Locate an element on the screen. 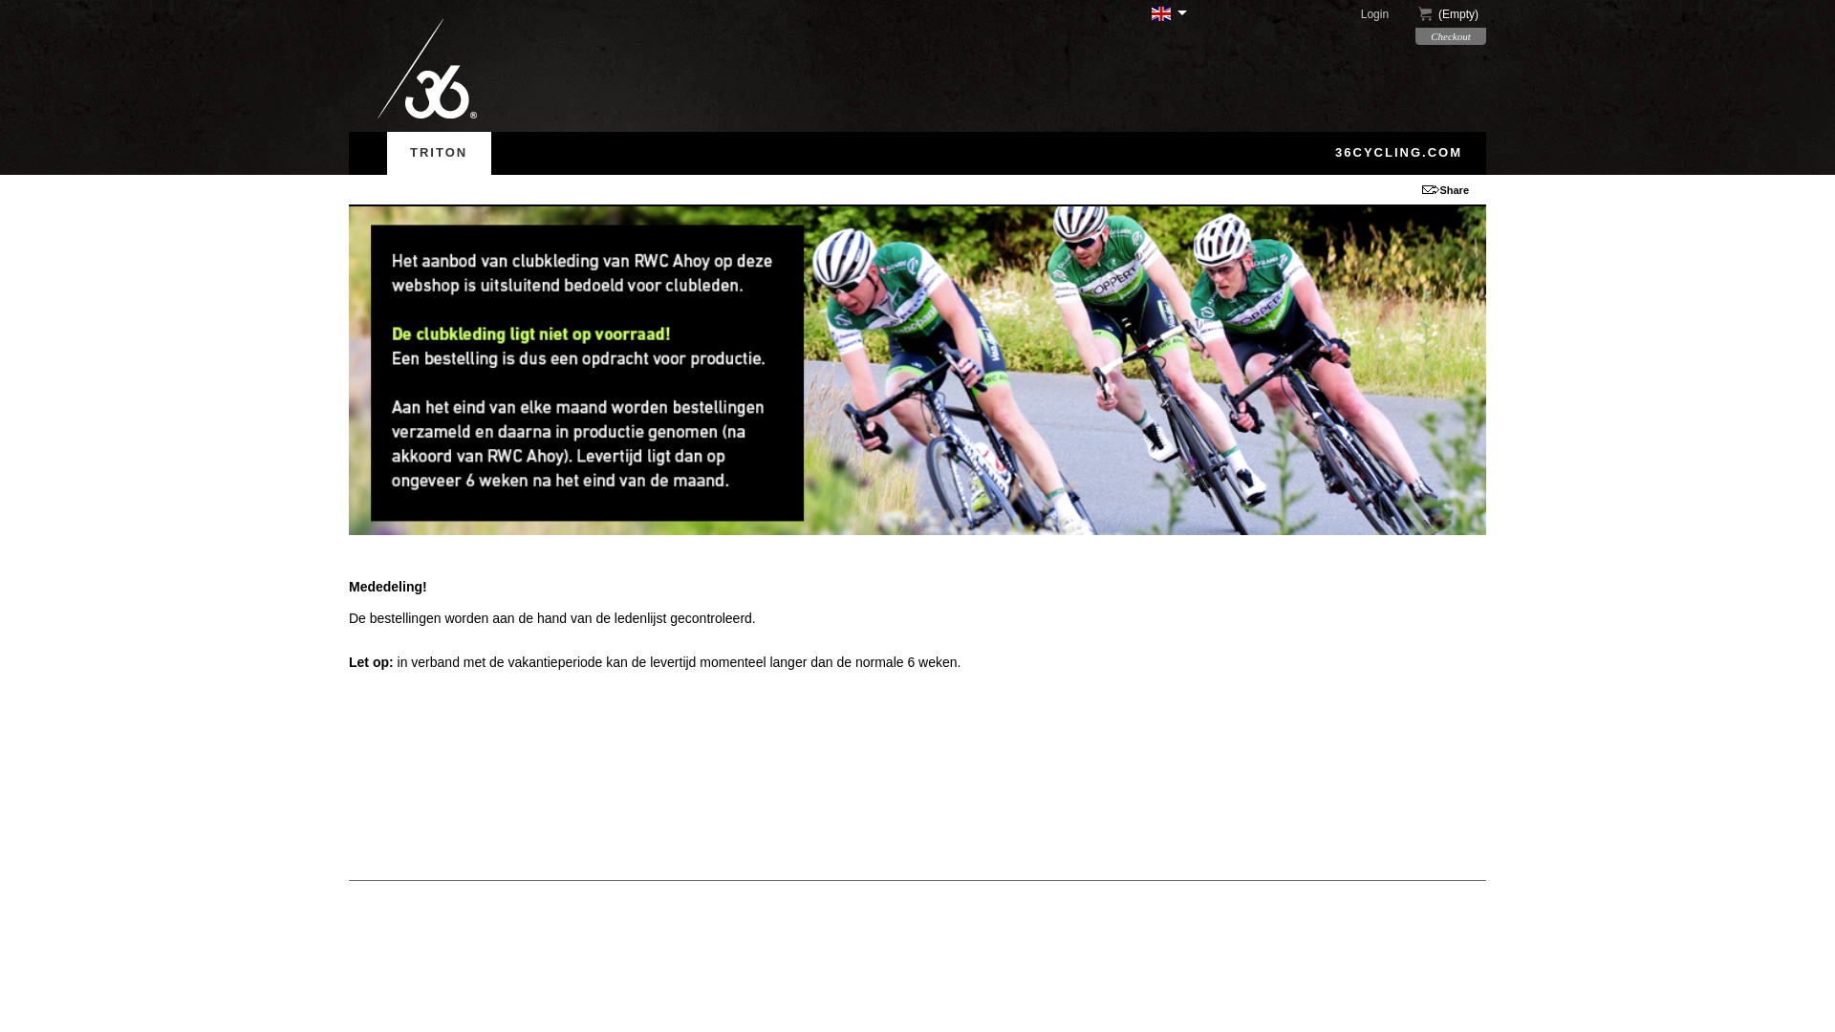 The image size is (1835, 1032). 'Login' is located at coordinates (1386, 14).